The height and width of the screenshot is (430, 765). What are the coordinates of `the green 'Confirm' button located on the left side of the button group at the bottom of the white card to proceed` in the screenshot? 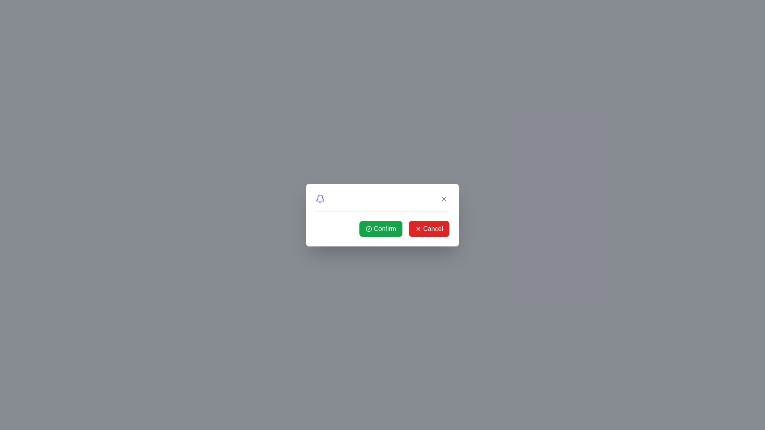 It's located at (382, 229).